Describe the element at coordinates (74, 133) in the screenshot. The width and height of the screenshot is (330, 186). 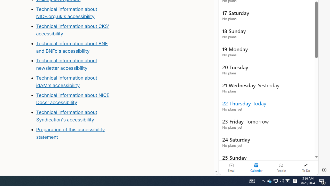
I see `'Preparation of this accessibility statement'` at that location.